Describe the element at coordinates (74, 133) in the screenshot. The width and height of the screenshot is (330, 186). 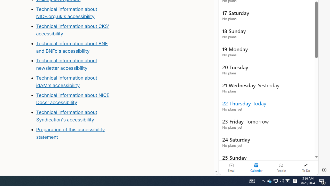
I see `'Preparation of this accessibility statement'` at that location.